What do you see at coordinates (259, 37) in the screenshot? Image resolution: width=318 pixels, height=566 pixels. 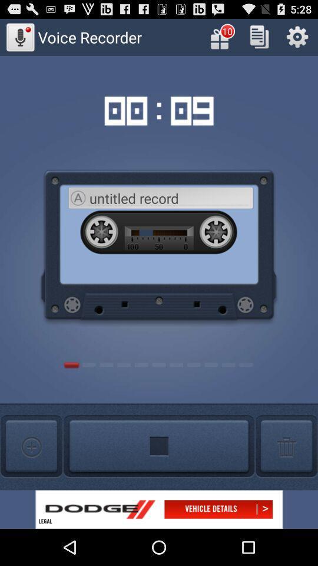 I see `copy the info` at bounding box center [259, 37].